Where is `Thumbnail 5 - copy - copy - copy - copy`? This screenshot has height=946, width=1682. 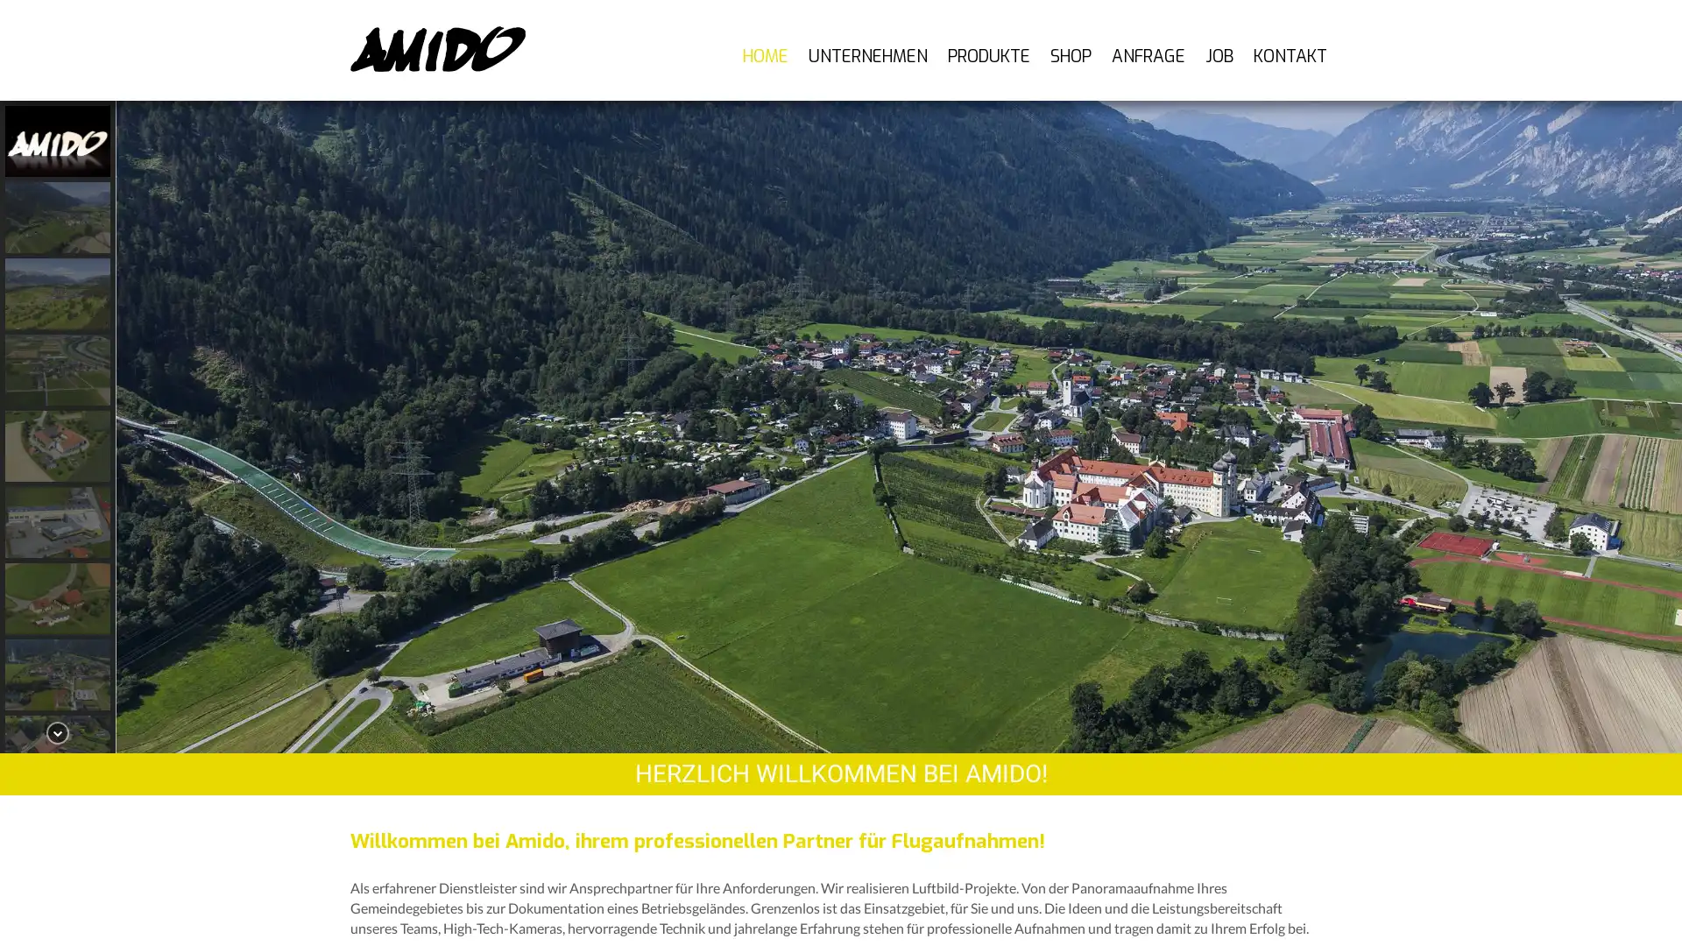 Thumbnail 5 - copy - copy - copy - copy is located at coordinates (58, 827).